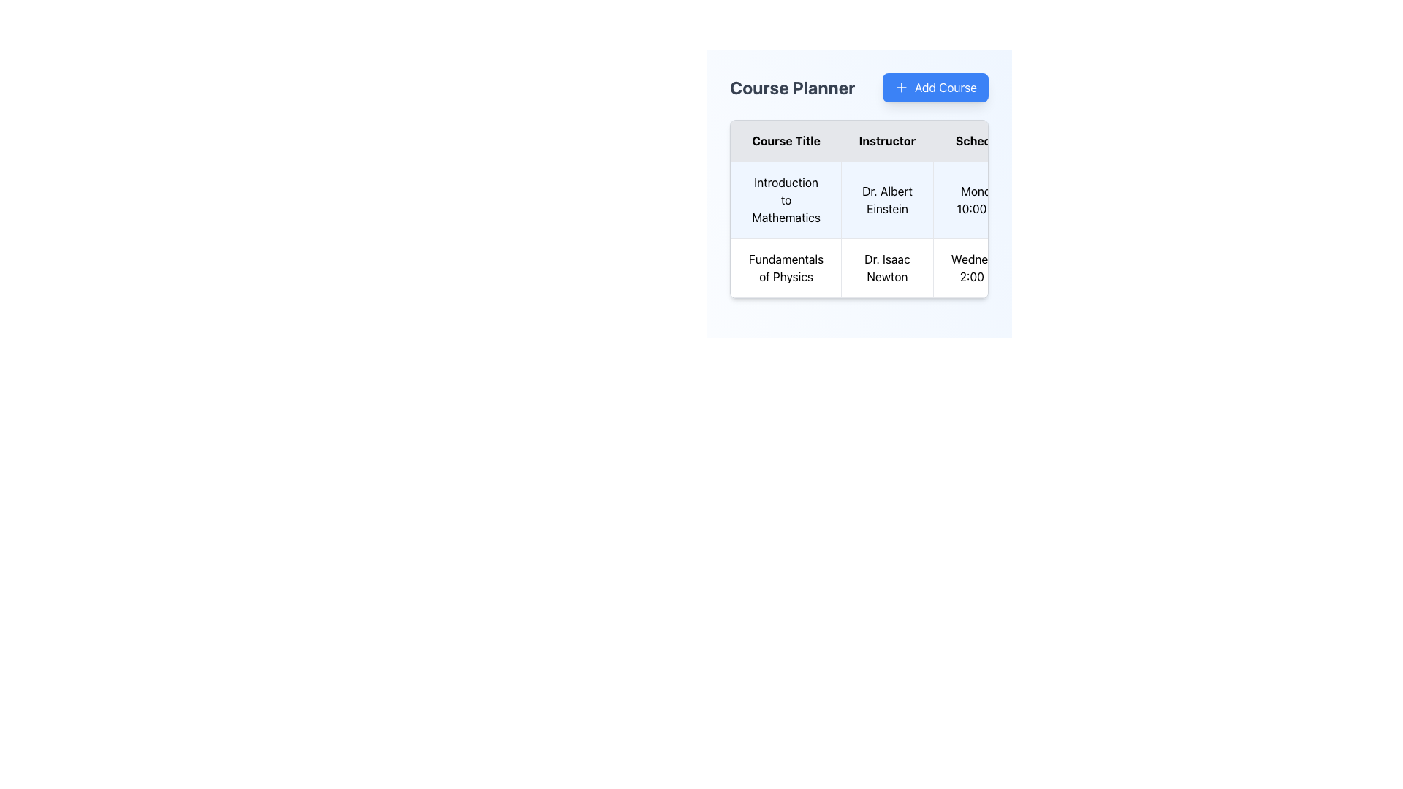  I want to click on the static text label 'Instructor' in the second column header of the table, which is bold and centered with a light gray background, so click(886, 141).